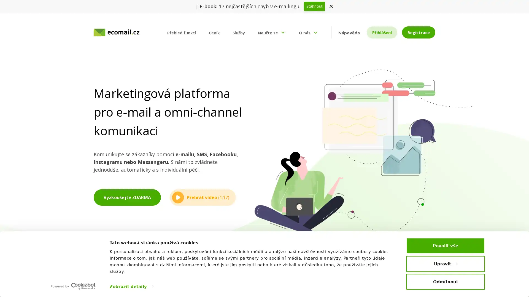  What do you see at coordinates (446, 263) in the screenshot?
I see `Upravit` at bounding box center [446, 263].